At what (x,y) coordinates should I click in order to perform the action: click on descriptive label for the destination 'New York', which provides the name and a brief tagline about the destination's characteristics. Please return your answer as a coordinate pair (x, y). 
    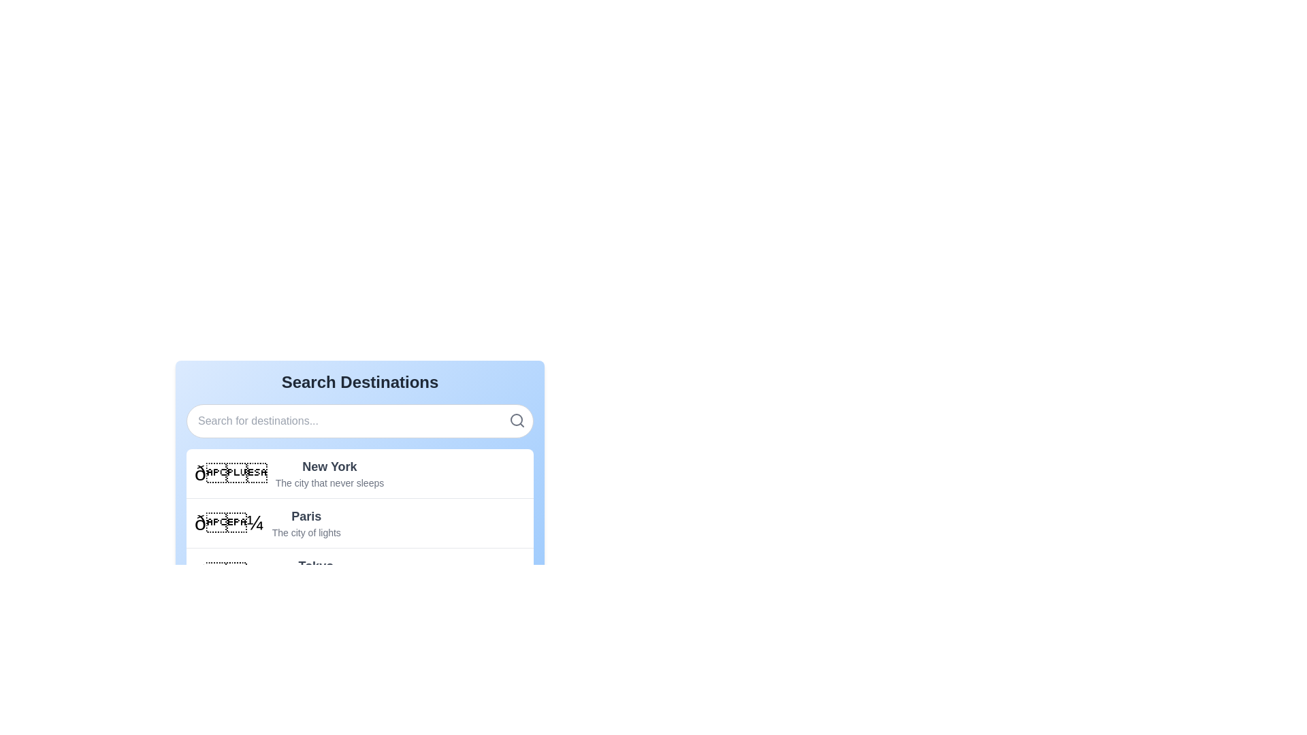
    Looking at the image, I should click on (329, 472).